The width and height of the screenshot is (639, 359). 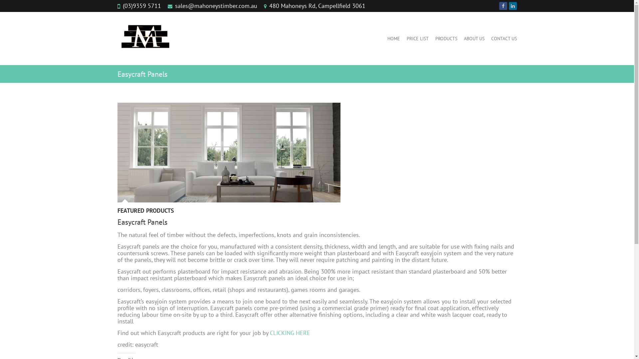 What do you see at coordinates (474, 38) in the screenshot?
I see `'ABOUT US'` at bounding box center [474, 38].